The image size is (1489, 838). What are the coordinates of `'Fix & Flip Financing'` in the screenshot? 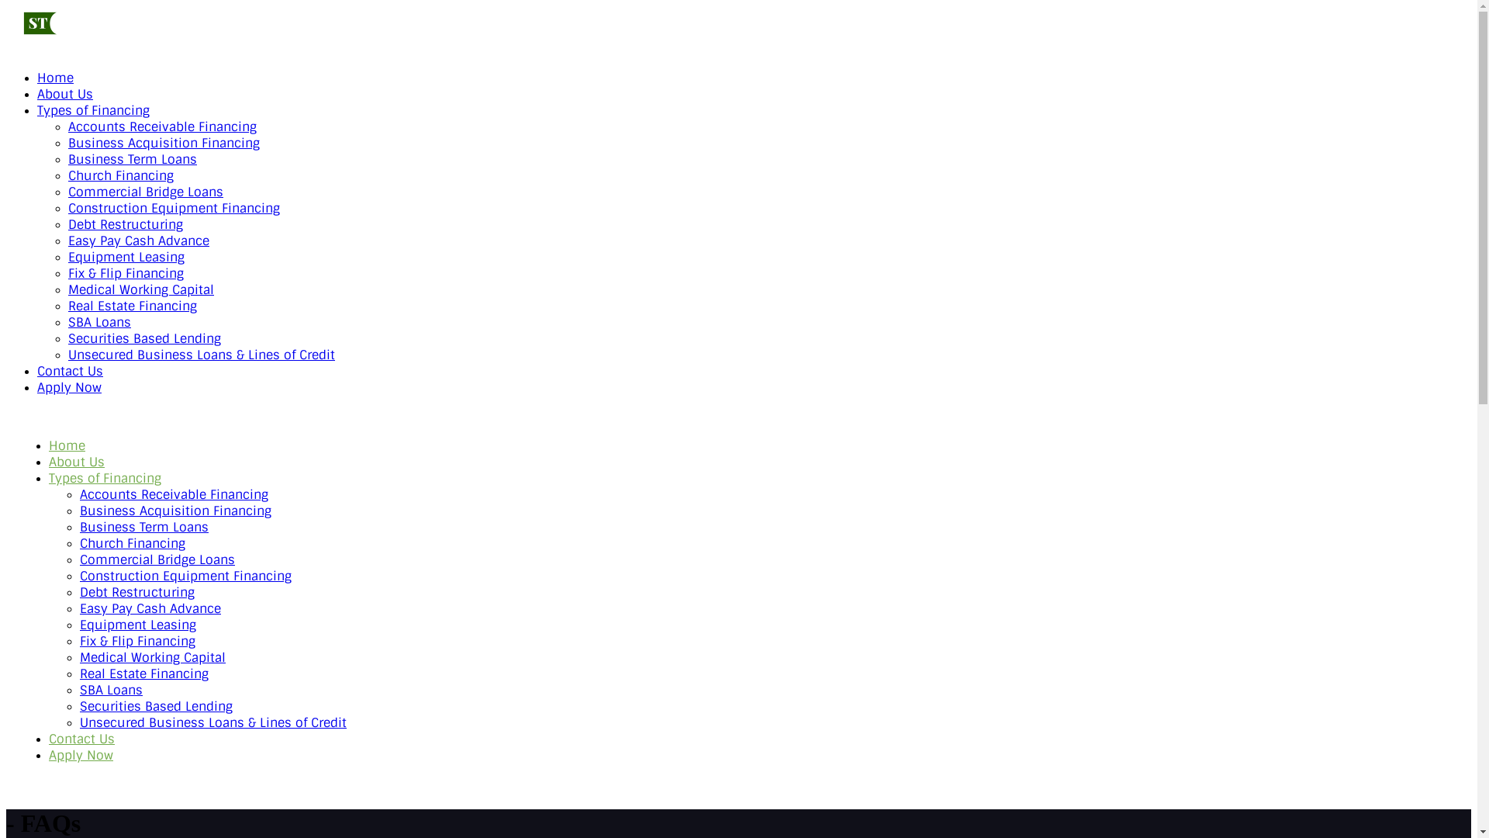 It's located at (137, 641).